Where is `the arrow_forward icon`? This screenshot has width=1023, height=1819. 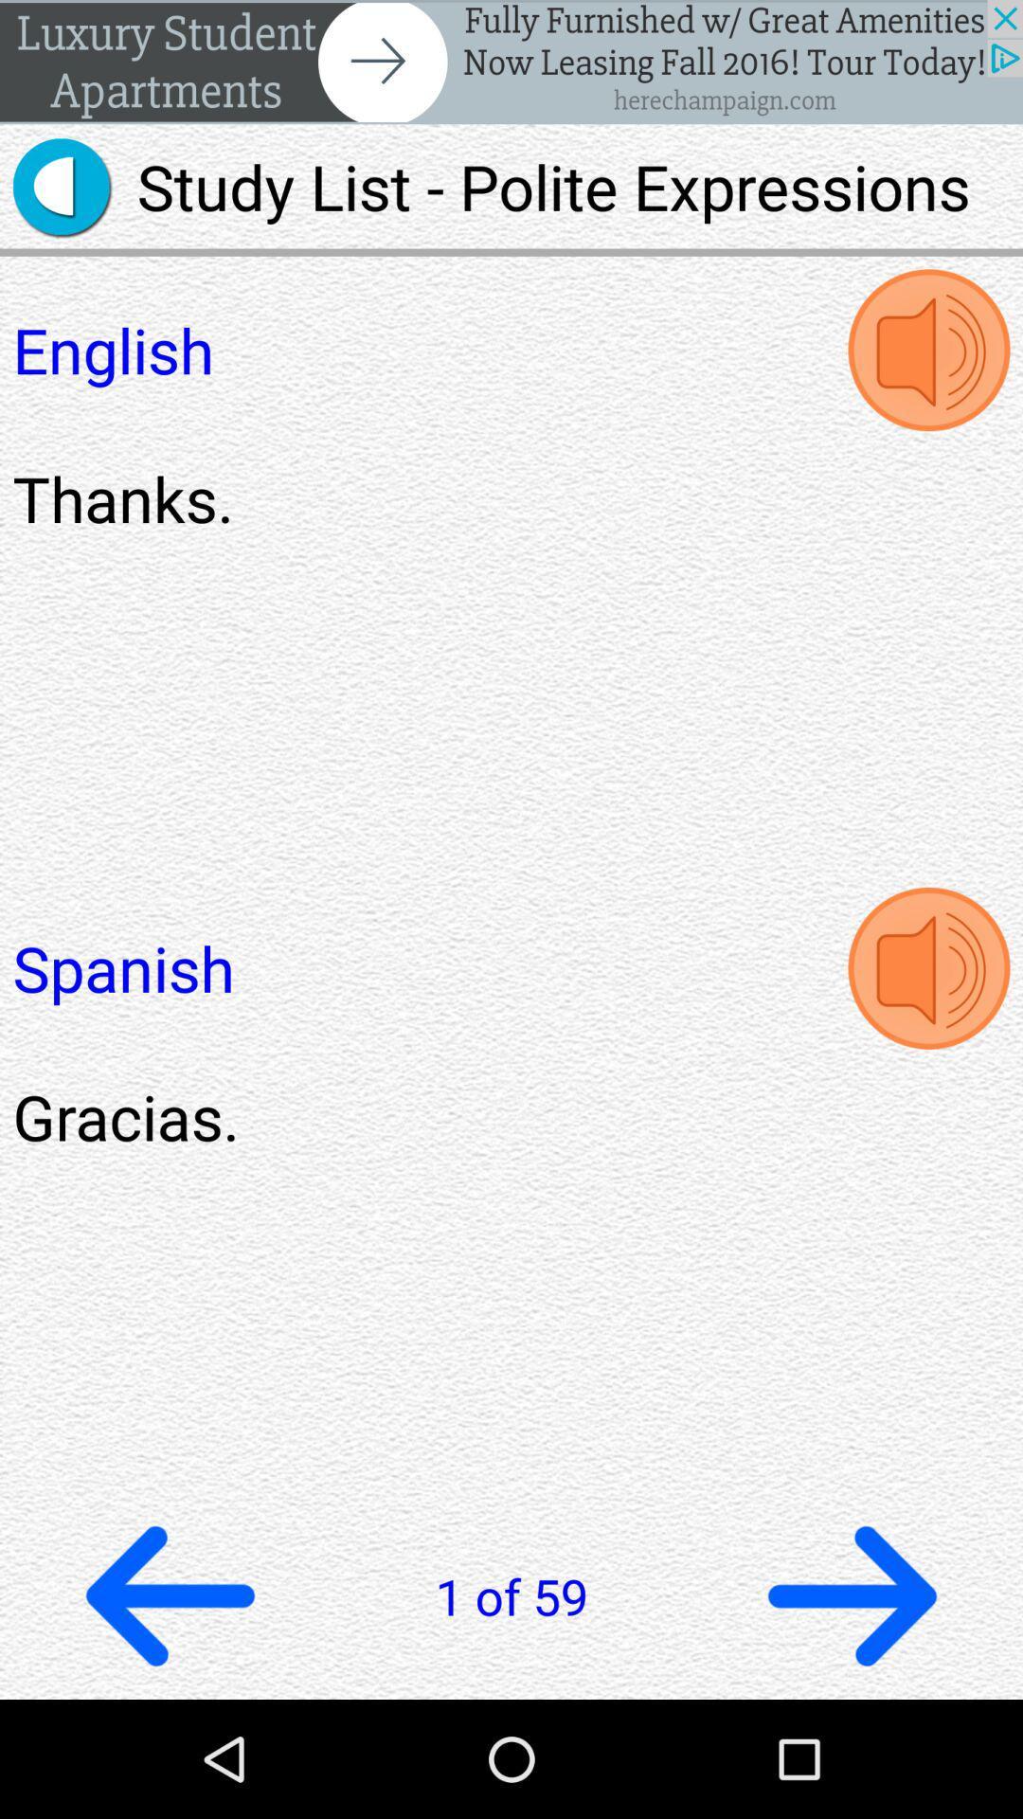 the arrow_forward icon is located at coordinates (851, 1708).